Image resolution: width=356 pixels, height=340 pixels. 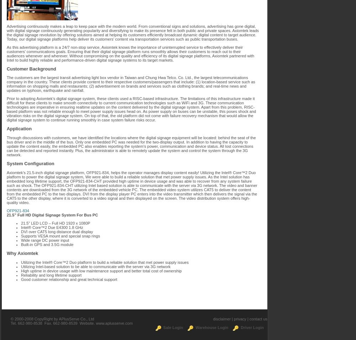 What do you see at coordinates (56, 223) in the screenshot?
I see `'21.5” LED LCD – Full HD 1920 x 1080P'` at bounding box center [56, 223].